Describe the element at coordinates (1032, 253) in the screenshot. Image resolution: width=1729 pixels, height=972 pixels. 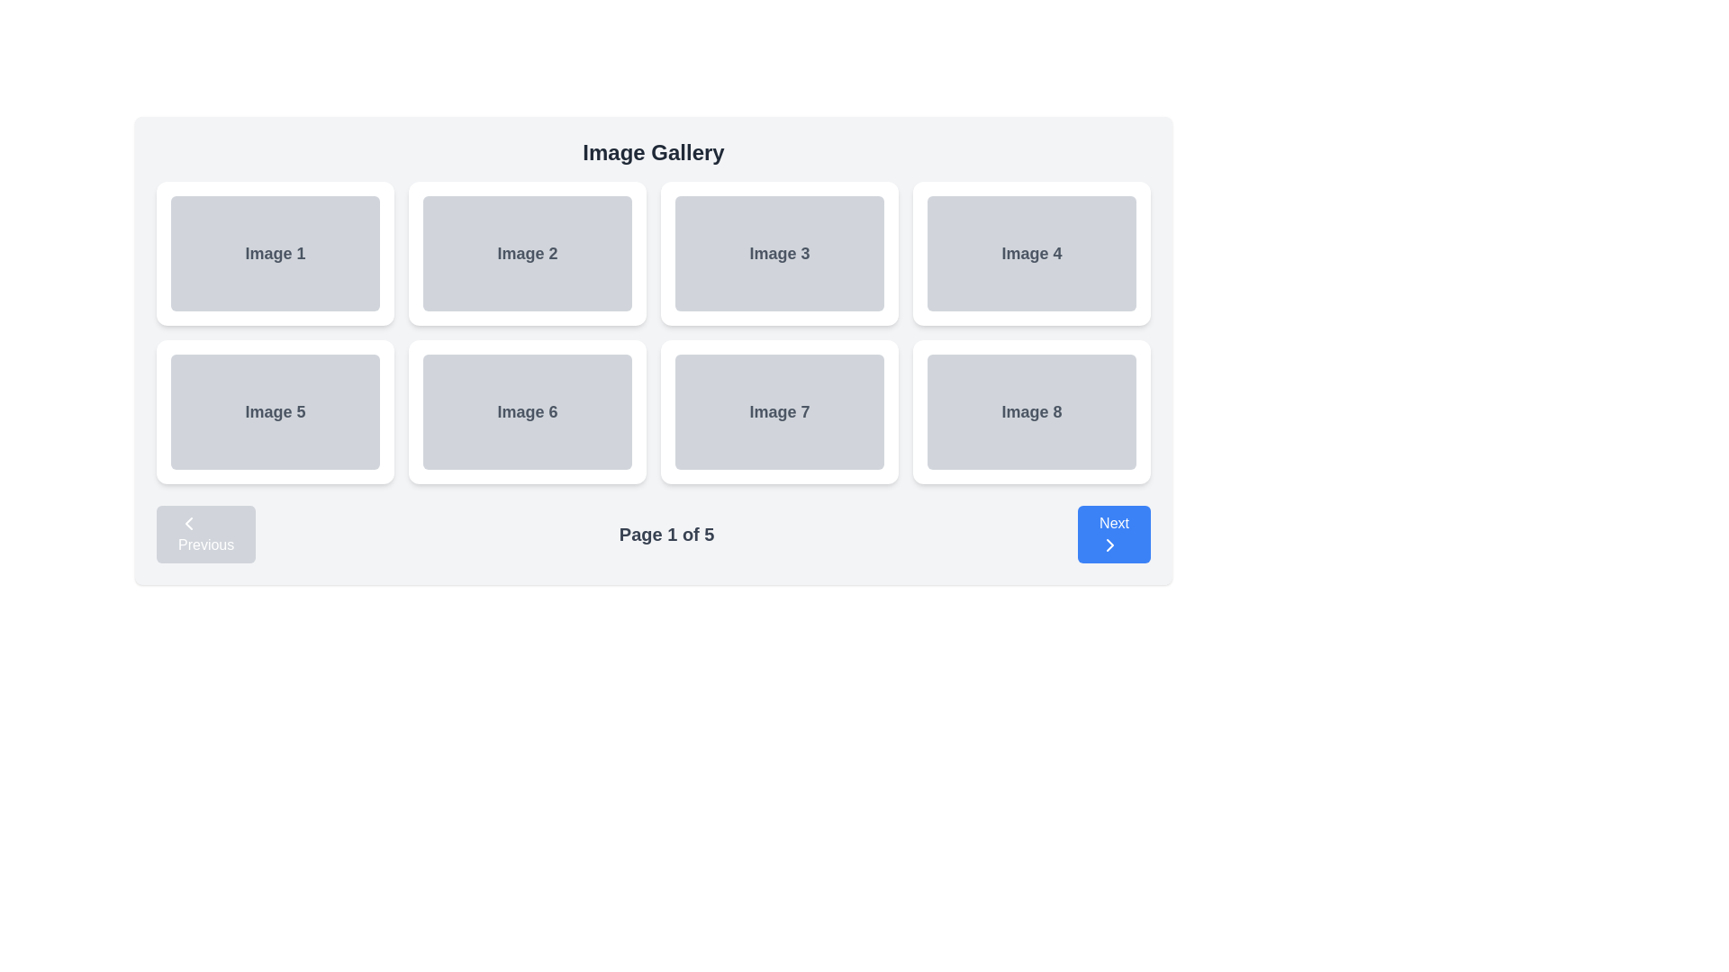
I see `the non-interactive image card displaying 'Image 4' in the gallery layout, located in the first row and fourth position` at that location.